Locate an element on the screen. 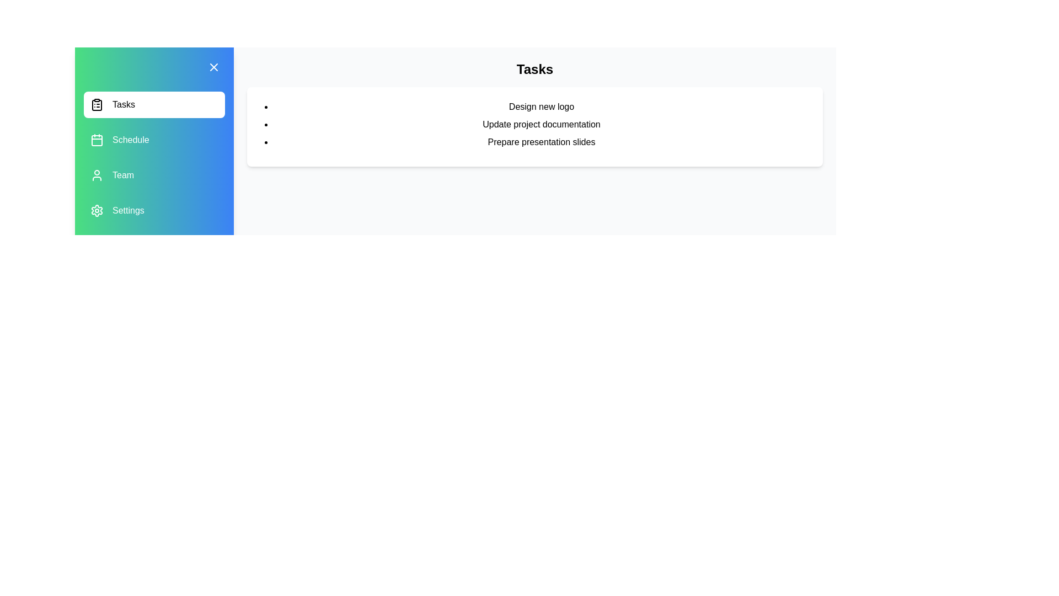 The image size is (1059, 596). the menu item Settings to observe the hover effect is located at coordinates (153, 210).